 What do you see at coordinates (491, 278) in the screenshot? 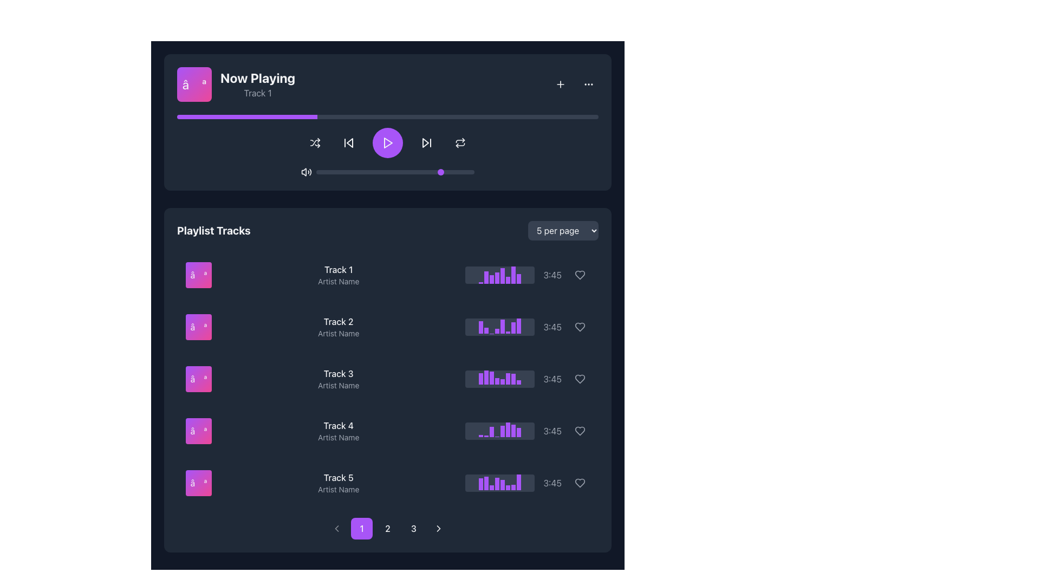
I see `the purple vertical graphical visualization bar located in the third position from the left within a group of similar bars, positioned towards the right side of the row corresponding to a music track in a playlist` at bounding box center [491, 278].